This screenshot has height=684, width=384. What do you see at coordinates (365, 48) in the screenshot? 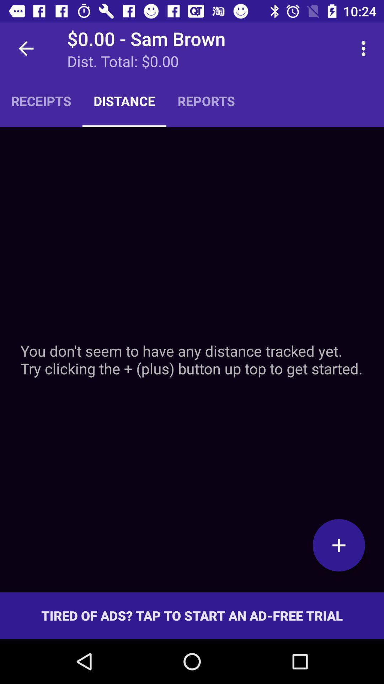
I see `item above the you don t icon` at bounding box center [365, 48].